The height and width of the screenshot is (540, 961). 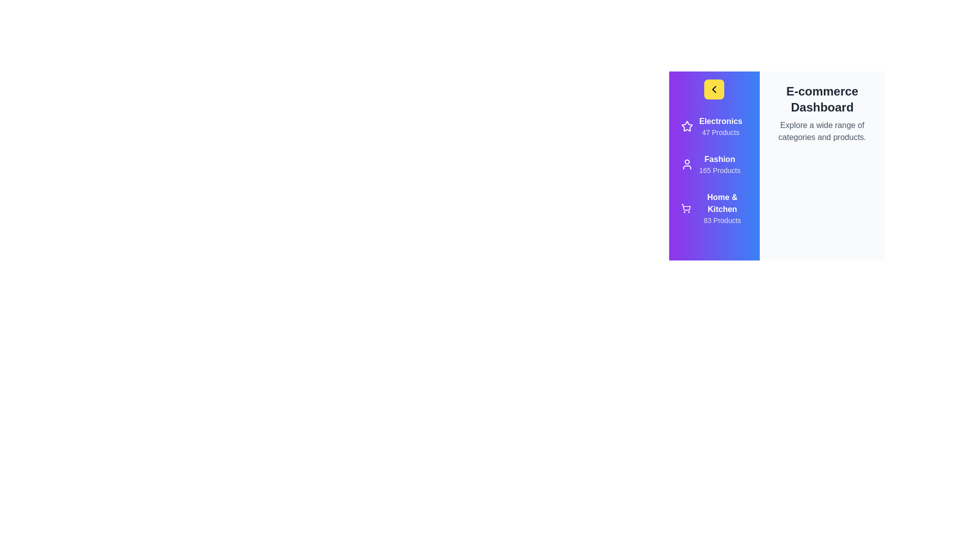 I want to click on the category Electronics to select it, so click(x=713, y=126).